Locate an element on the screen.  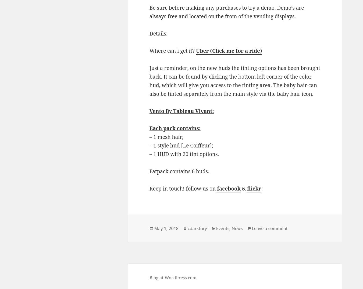
'Each pack contains:' is located at coordinates (175, 128).